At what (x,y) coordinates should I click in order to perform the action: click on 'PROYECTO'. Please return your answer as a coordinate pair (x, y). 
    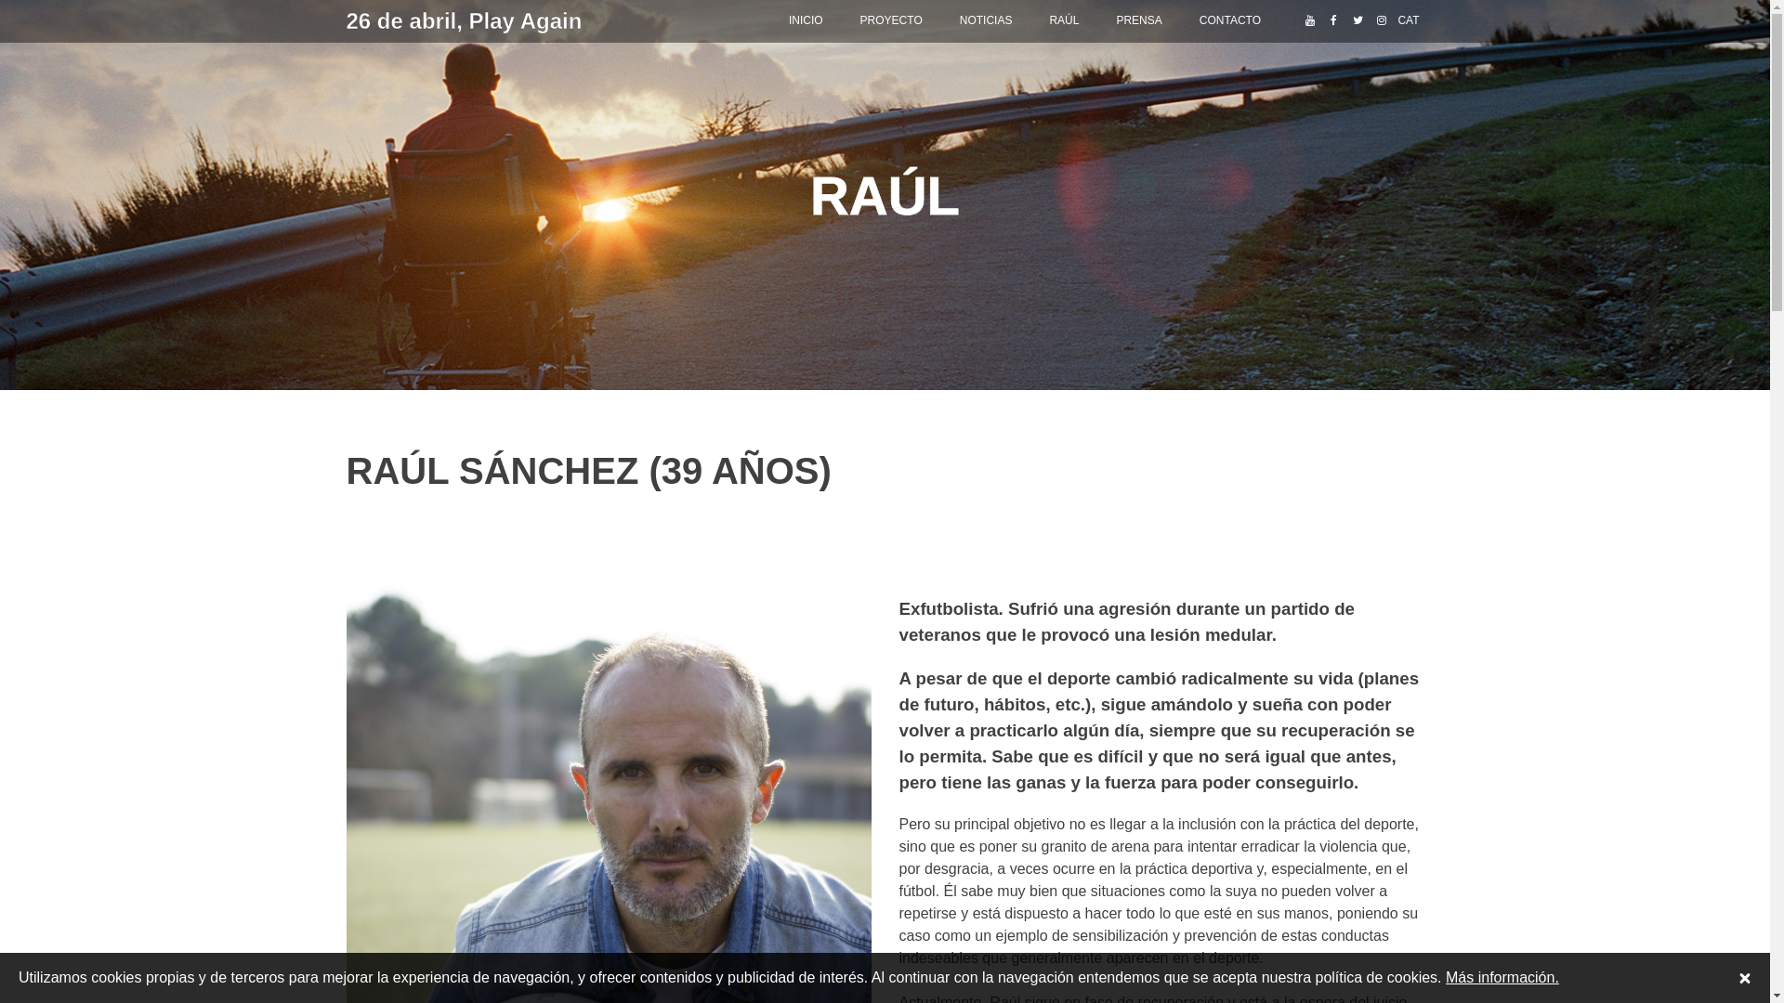
    Looking at the image, I should click on (890, 21).